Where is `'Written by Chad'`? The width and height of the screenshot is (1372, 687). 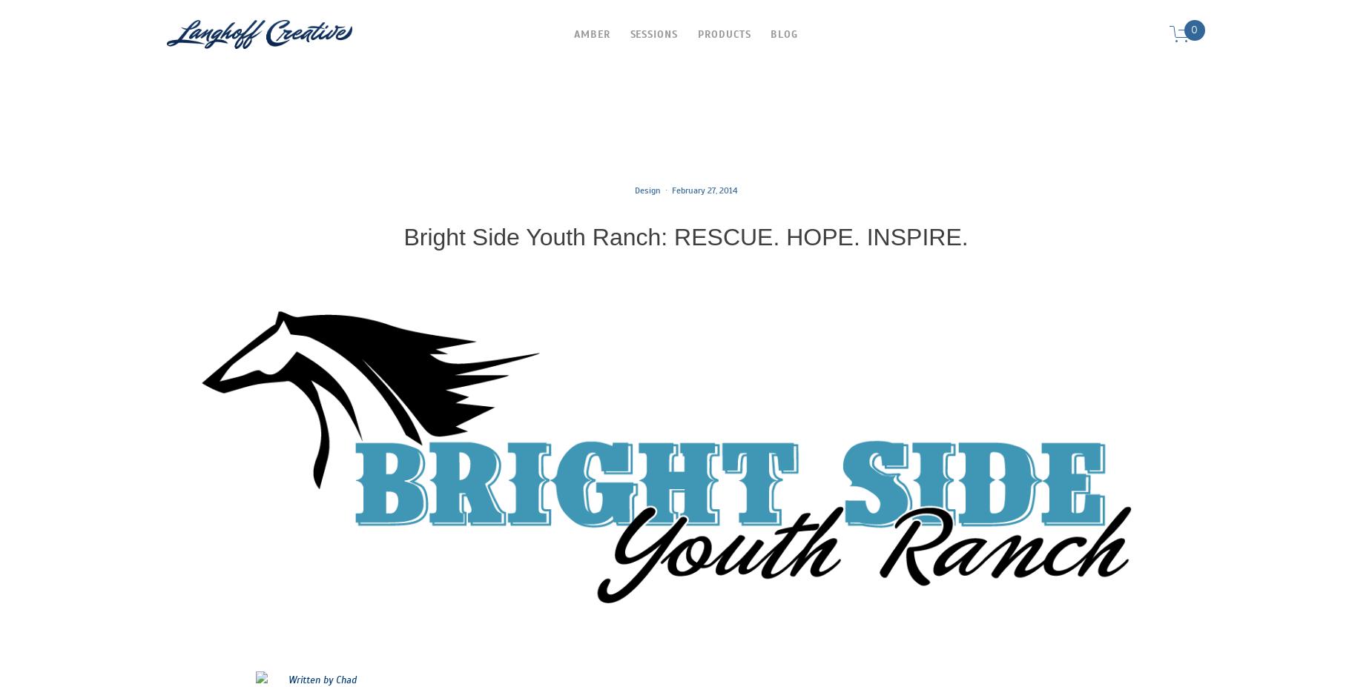
'Written by Chad' is located at coordinates (321, 680).